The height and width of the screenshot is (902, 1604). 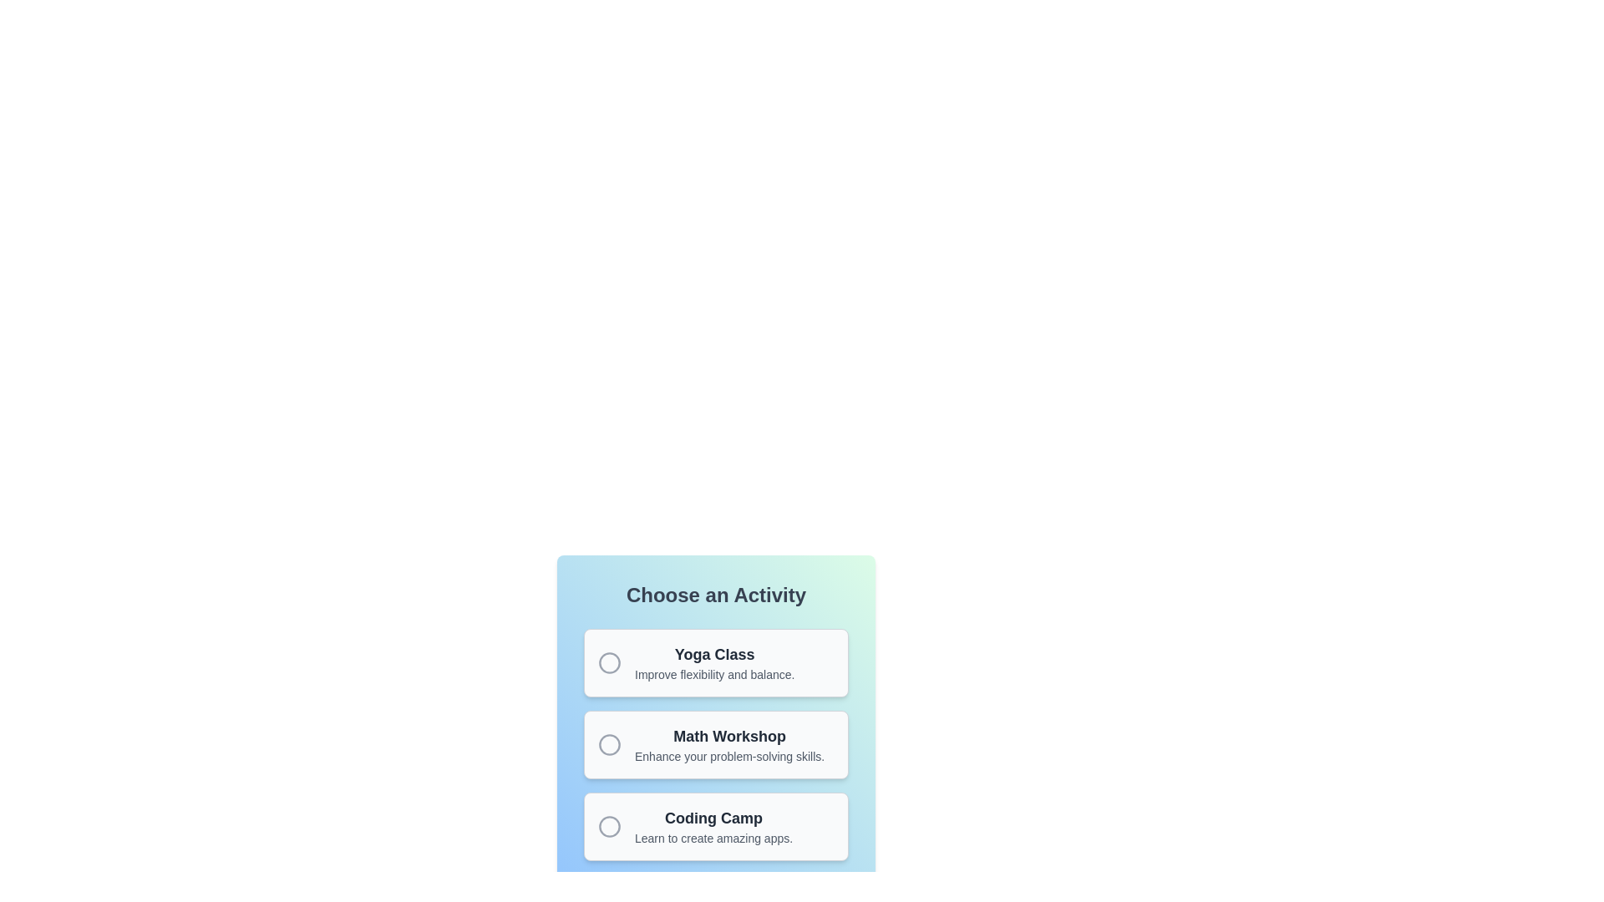 I want to click on the 'Coding Camp' UI card, which is the third card in the list of activities under 'Choose an Activity', so click(x=716, y=827).